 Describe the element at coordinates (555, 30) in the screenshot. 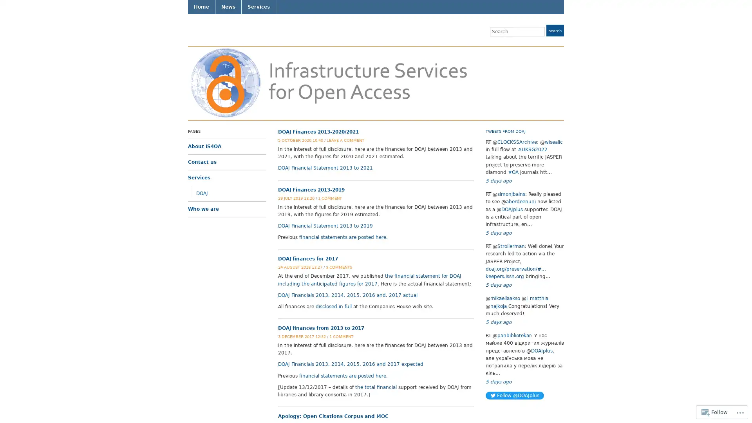

I see `search` at that location.